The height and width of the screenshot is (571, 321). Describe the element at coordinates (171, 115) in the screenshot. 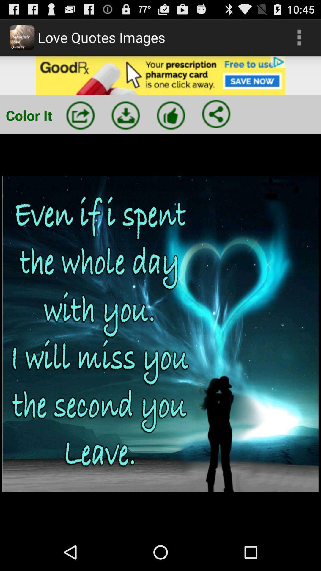

I see `like page` at that location.